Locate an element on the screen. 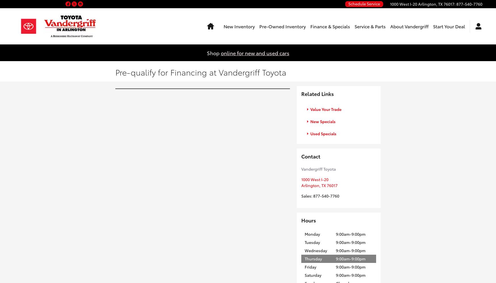  'Pre-Owned Inventory' is located at coordinates (282, 26).